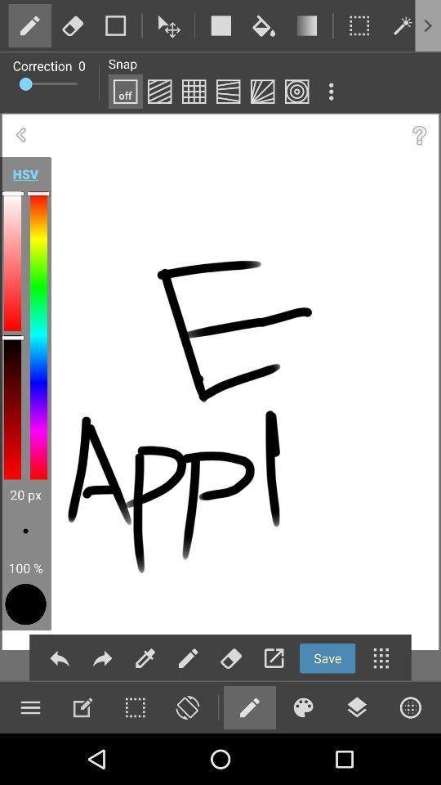  Describe the element at coordinates (264, 25) in the screenshot. I see `fill paint` at that location.